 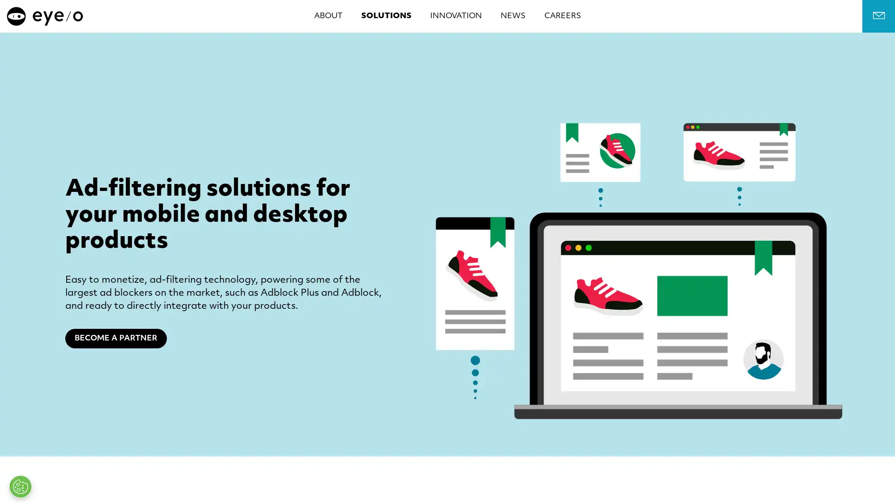 What do you see at coordinates (20, 486) in the screenshot?
I see `Open Preferences` at bounding box center [20, 486].